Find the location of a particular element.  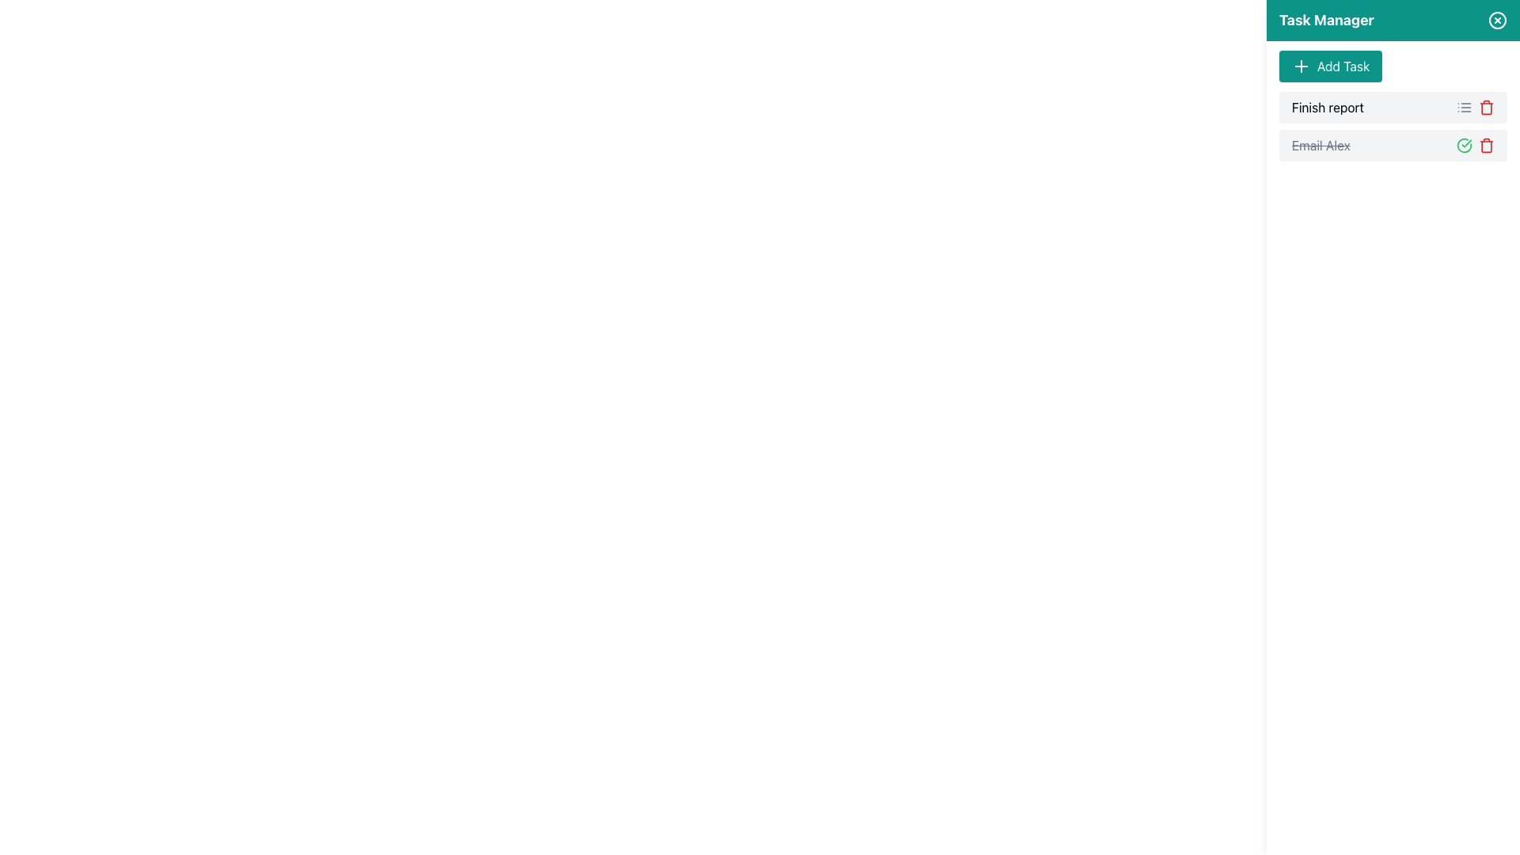

text label 'Email Alex' which has a line-through styling, indicating it is marked as completed or inactive, located in the second item of the vertical task list in the 'Task Manager' section is located at coordinates (1320, 146).